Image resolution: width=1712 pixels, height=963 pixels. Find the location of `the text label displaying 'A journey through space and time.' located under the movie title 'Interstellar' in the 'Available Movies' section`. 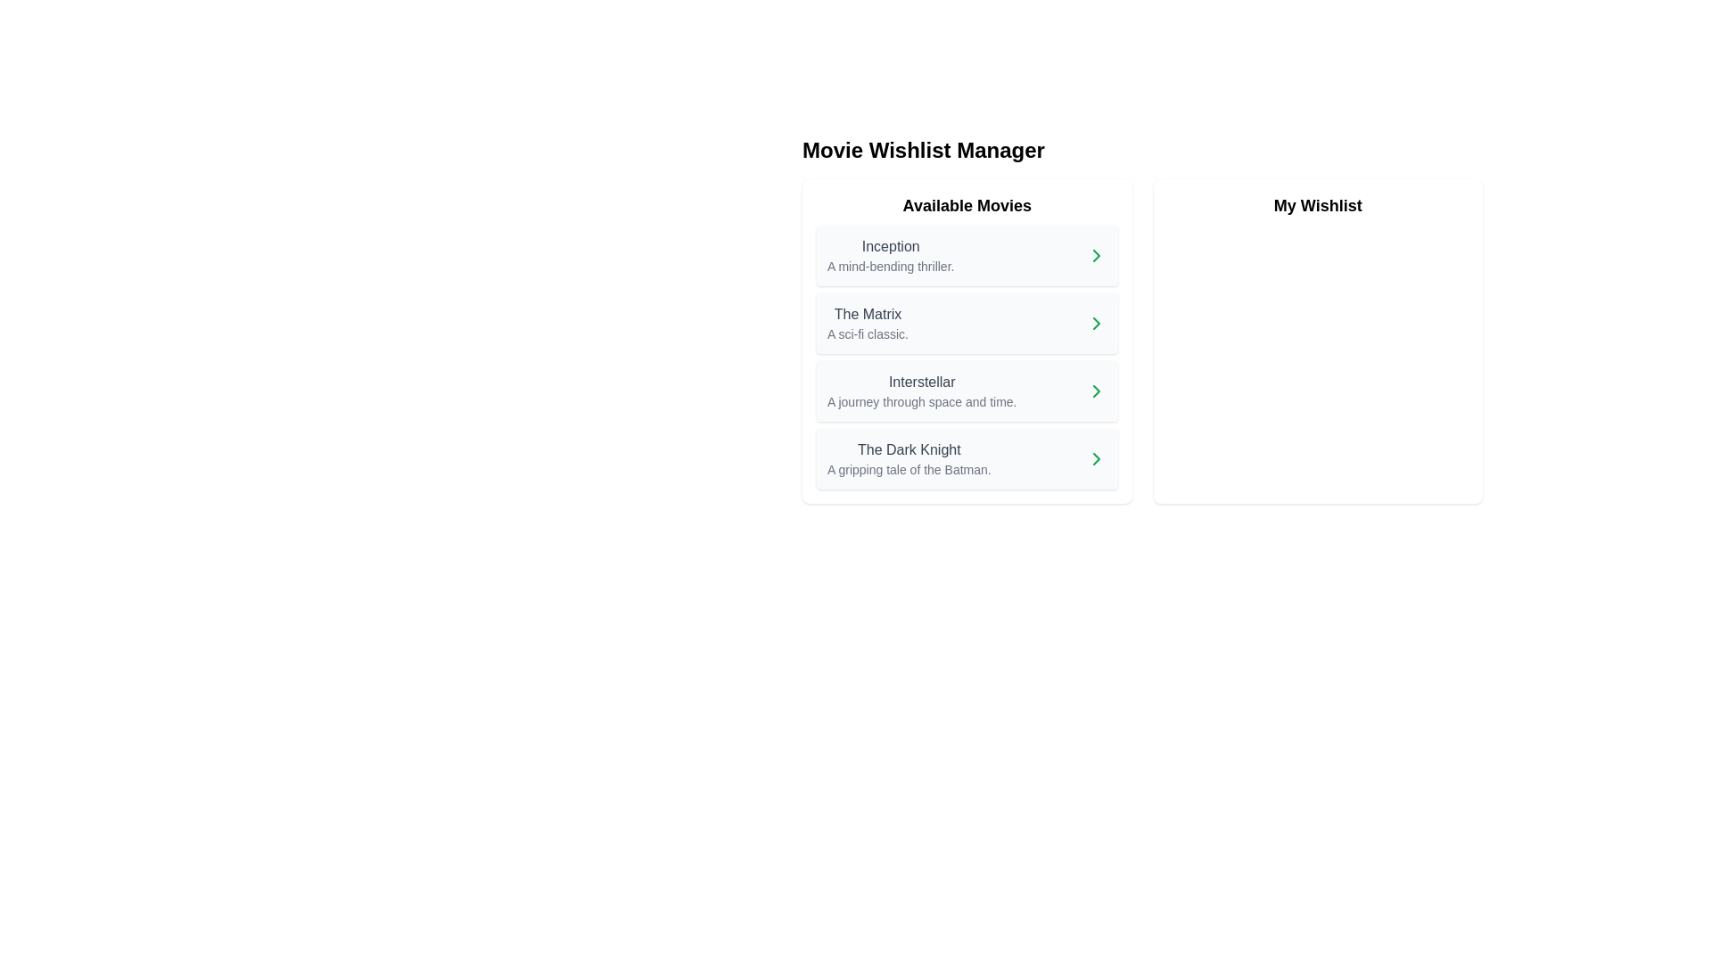

the text label displaying 'A journey through space and time.' located under the movie title 'Interstellar' in the 'Available Movies' section is located at coordinates (922, 402).